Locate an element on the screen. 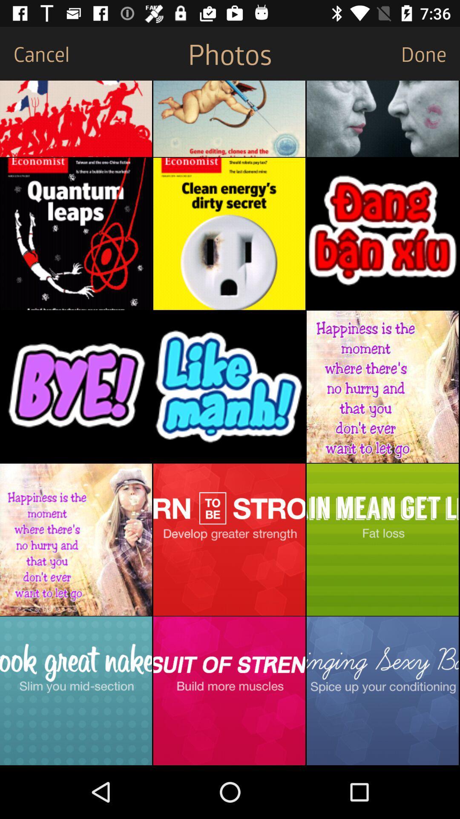  one picture is located at coordinates (229, 691).